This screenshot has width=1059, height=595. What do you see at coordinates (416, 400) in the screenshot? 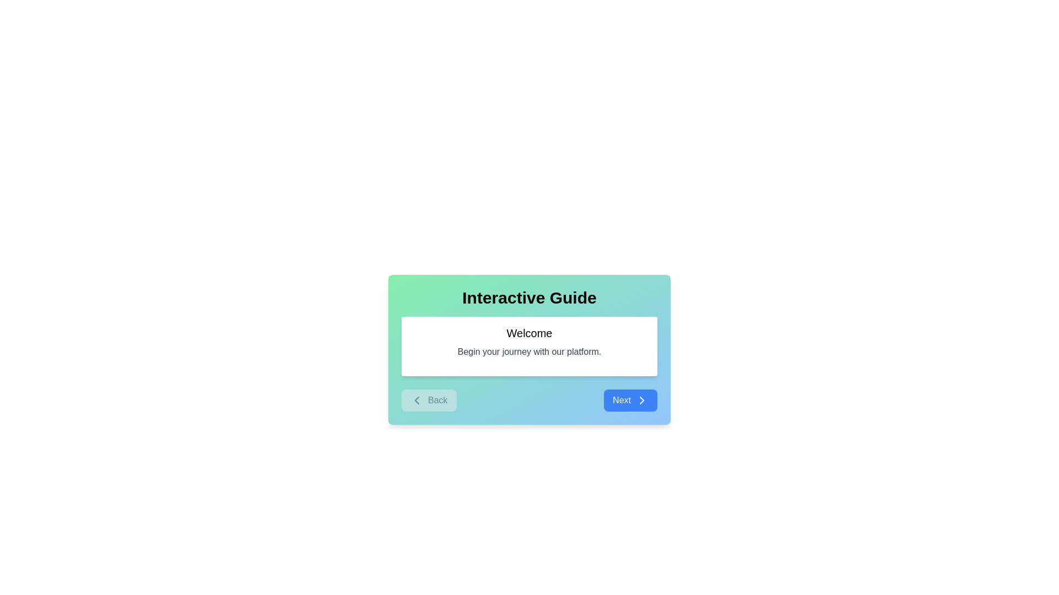
I see `the chevron icon located on the left side of the 'Back' button` at bounding box center [416, 400].